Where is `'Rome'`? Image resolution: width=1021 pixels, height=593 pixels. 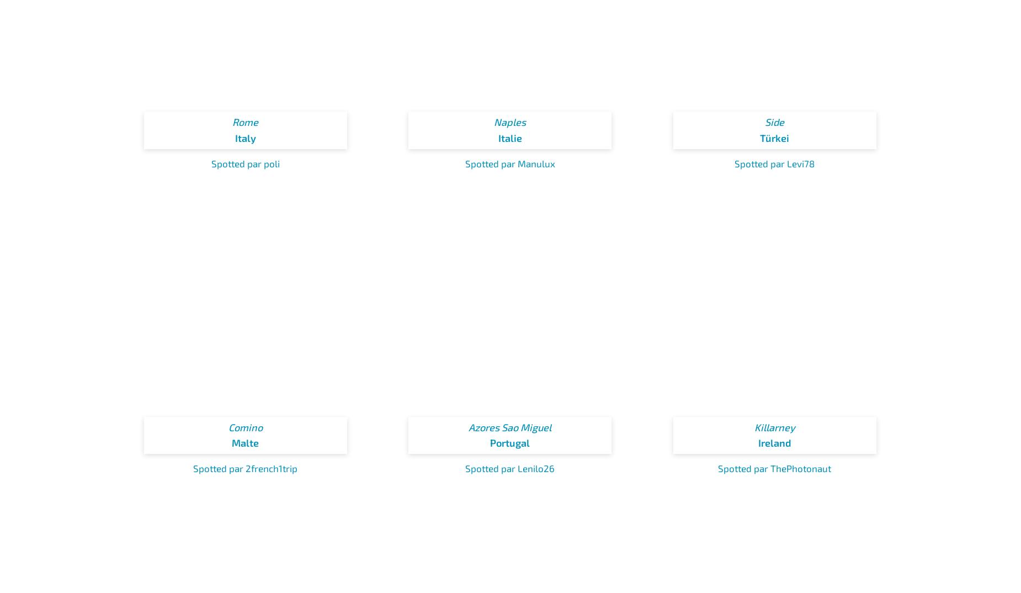 'Rome' is located at coordinates (244, 121).